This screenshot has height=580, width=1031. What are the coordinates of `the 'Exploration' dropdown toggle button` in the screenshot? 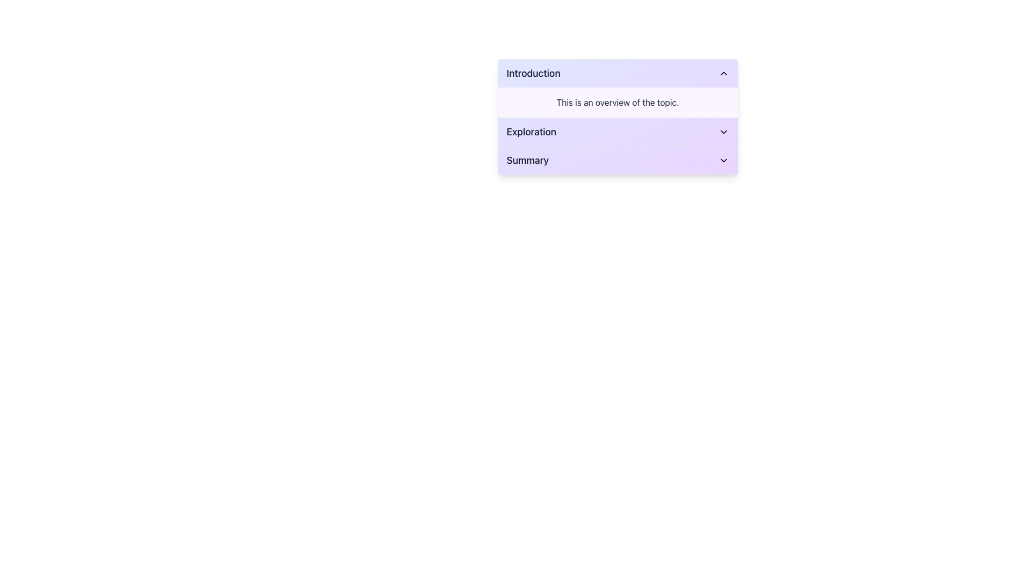 It's located at (618, 132).